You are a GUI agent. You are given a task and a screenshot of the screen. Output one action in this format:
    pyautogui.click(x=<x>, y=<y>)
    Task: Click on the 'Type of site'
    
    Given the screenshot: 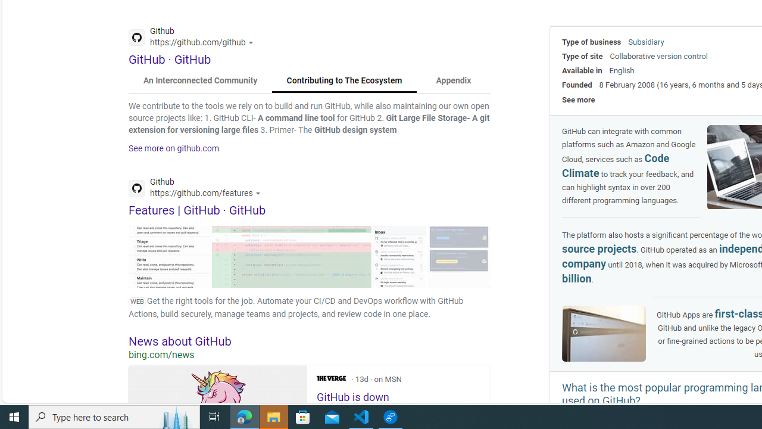 What is the action you would take?
    pyautogui.click(x=582, y=56)
    